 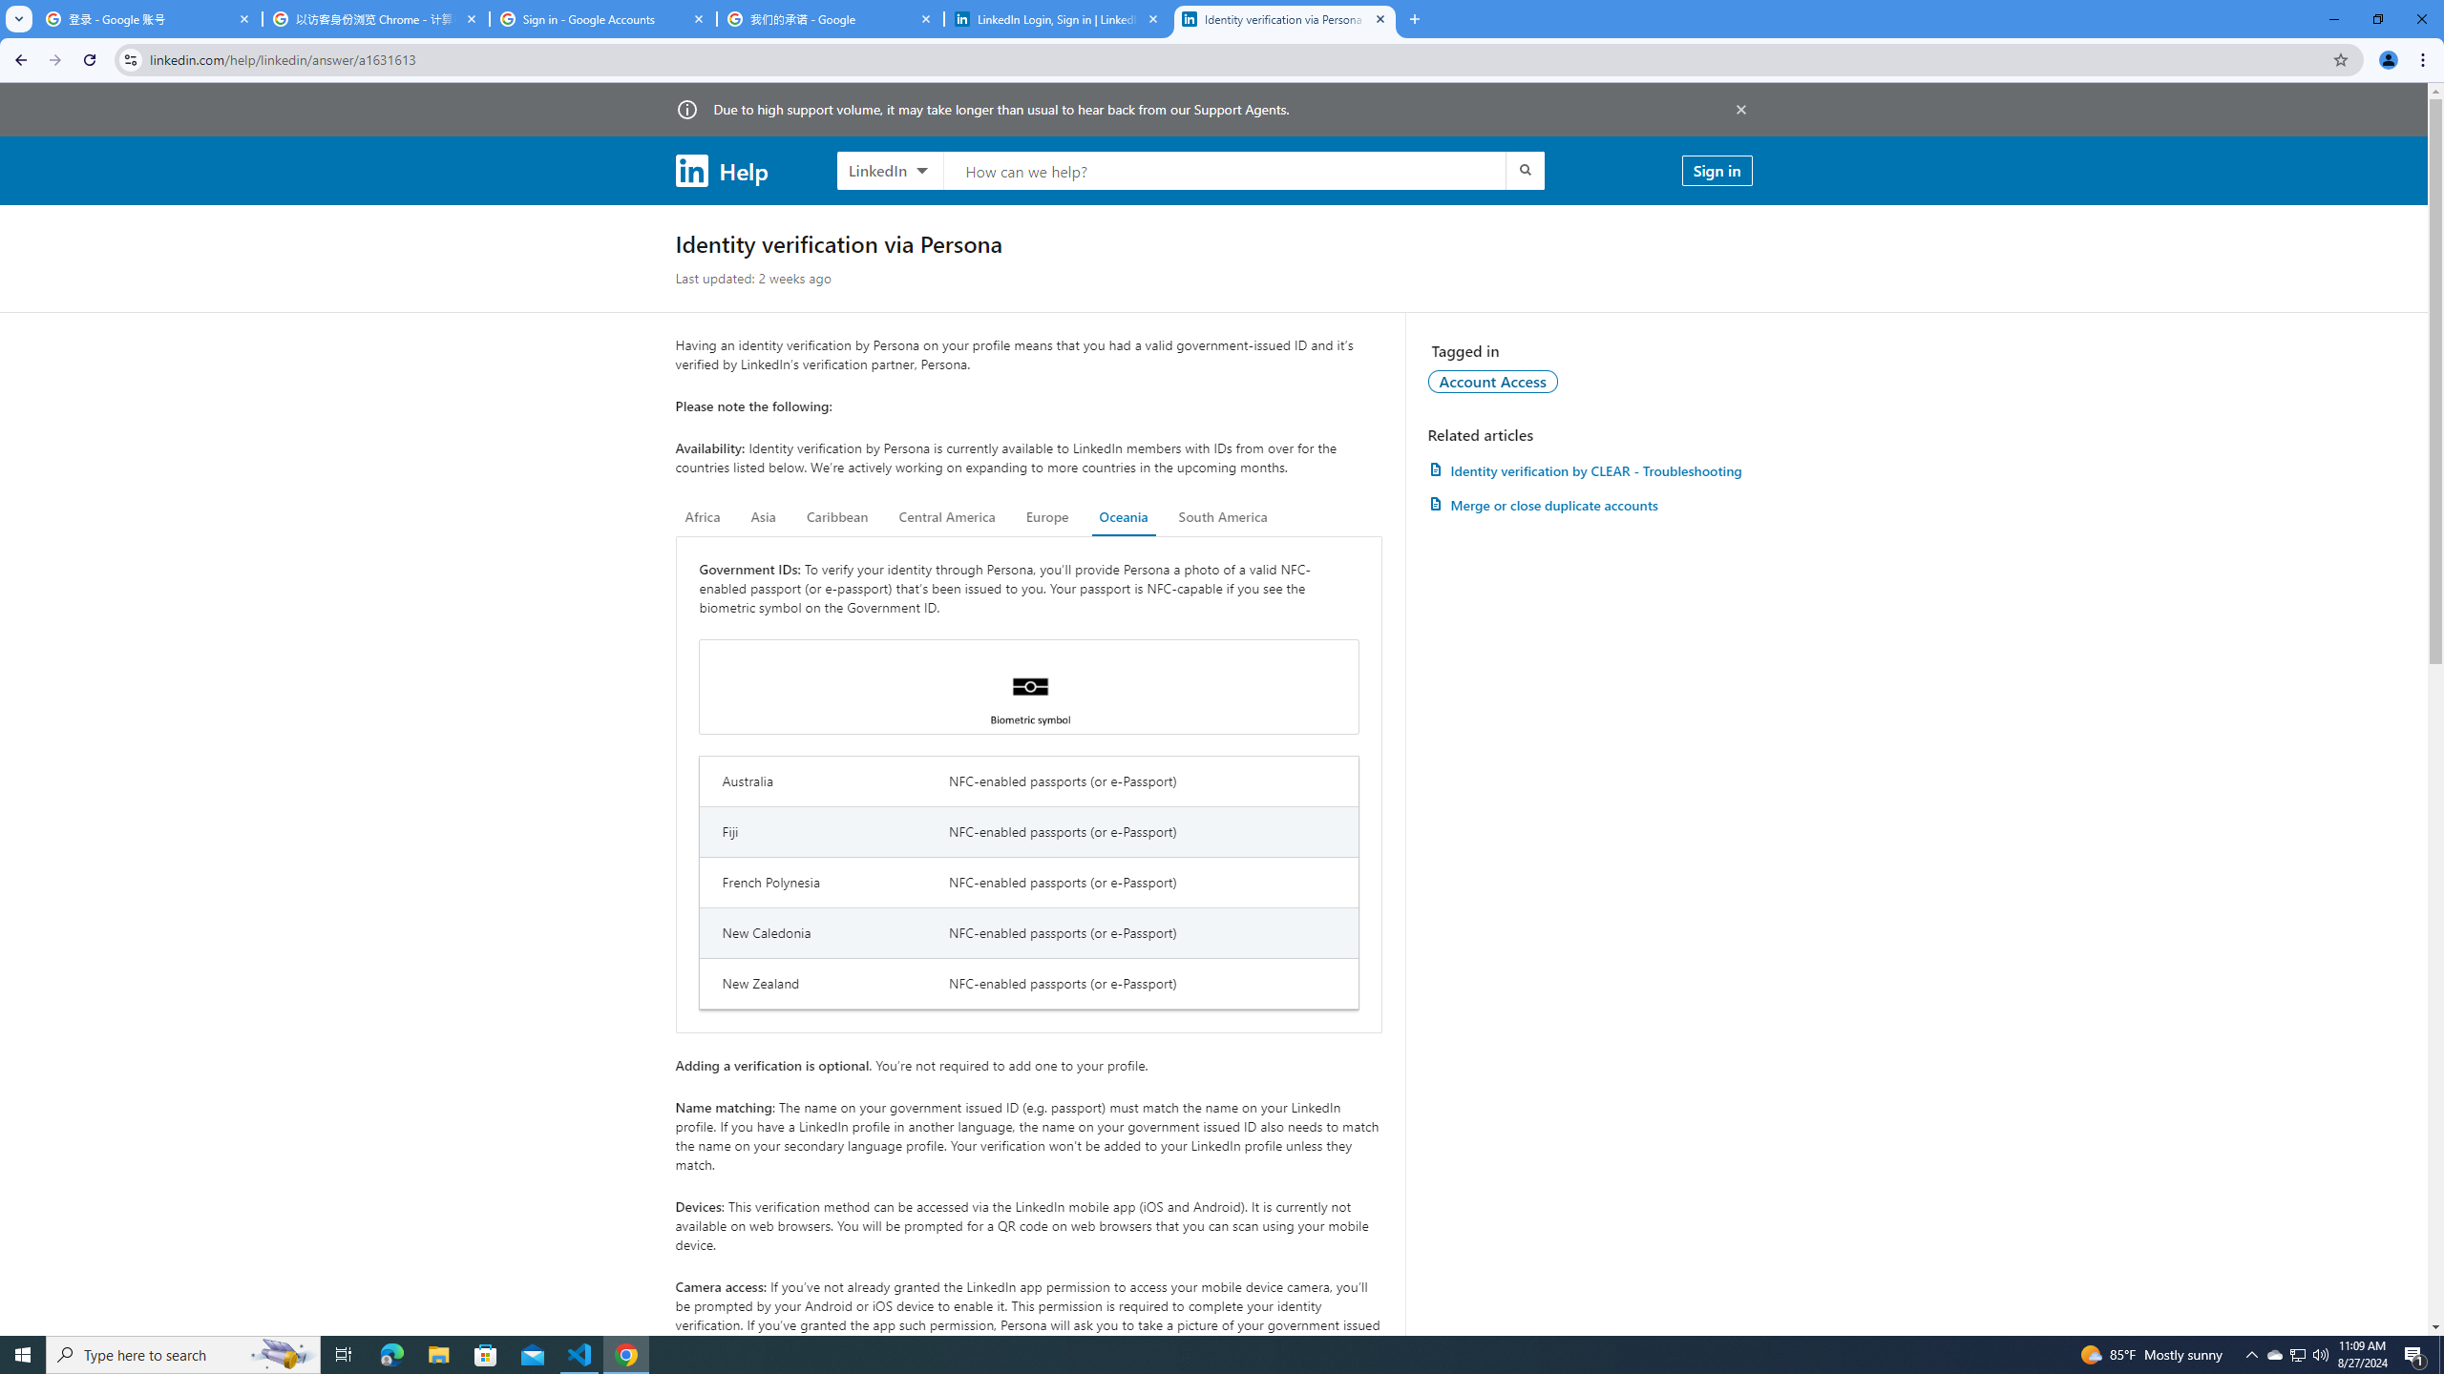 What do you see at coordinates (1222, 516) in the screenshot?
I see `'South America'` at bounding box center [1222, 516].